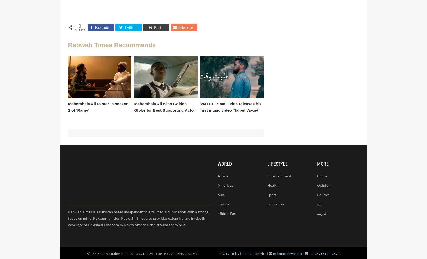  What do you see at coordinates (288, 253) in the screenshot?
I see `'editor@rabwah.net'` at bounding box center [288, 253].